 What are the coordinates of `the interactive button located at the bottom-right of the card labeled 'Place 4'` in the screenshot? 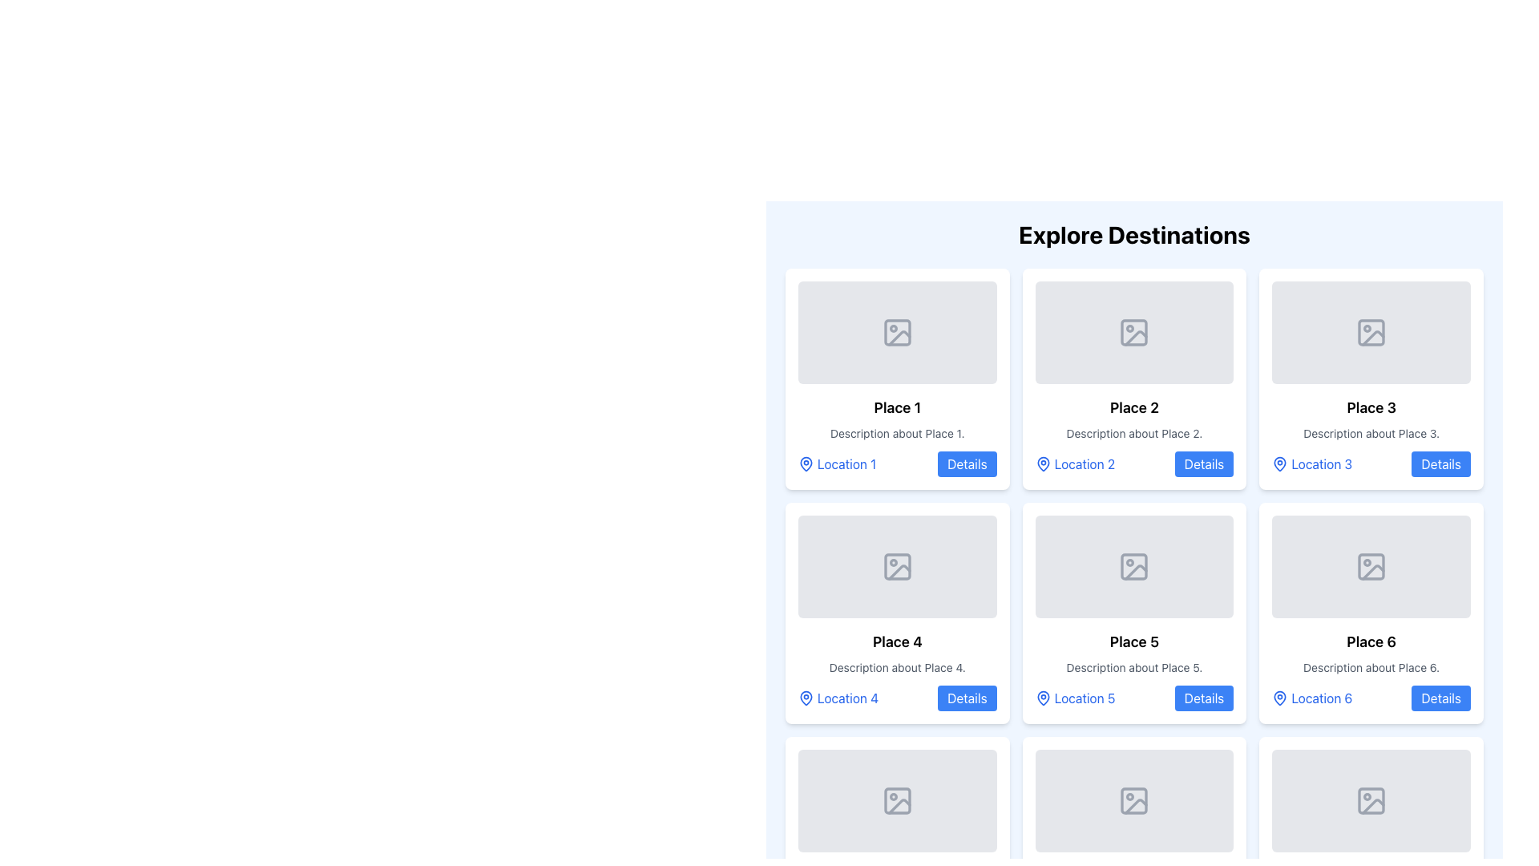 It's located at (966, 698).